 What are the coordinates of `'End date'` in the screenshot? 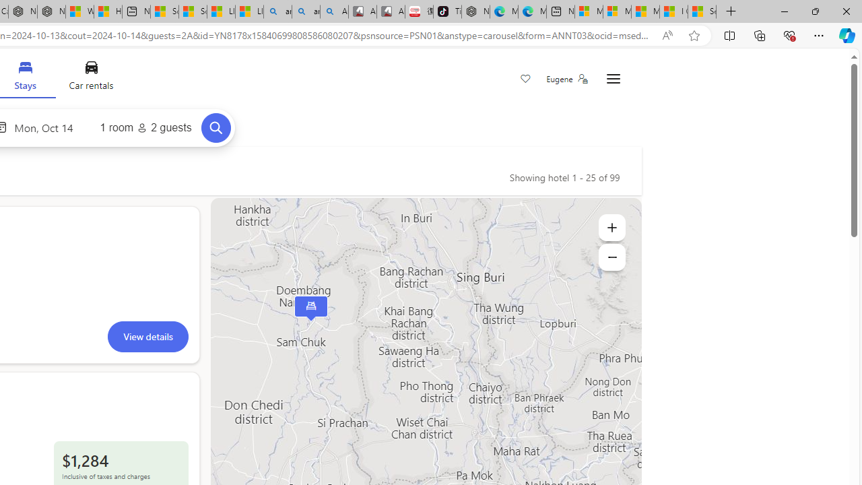 It's located at (47, 127).